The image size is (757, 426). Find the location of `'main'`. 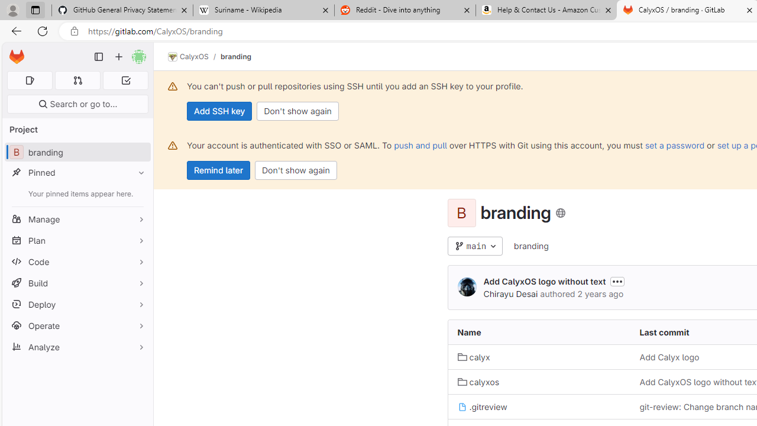

'main' is located at coordinates (475, 246).